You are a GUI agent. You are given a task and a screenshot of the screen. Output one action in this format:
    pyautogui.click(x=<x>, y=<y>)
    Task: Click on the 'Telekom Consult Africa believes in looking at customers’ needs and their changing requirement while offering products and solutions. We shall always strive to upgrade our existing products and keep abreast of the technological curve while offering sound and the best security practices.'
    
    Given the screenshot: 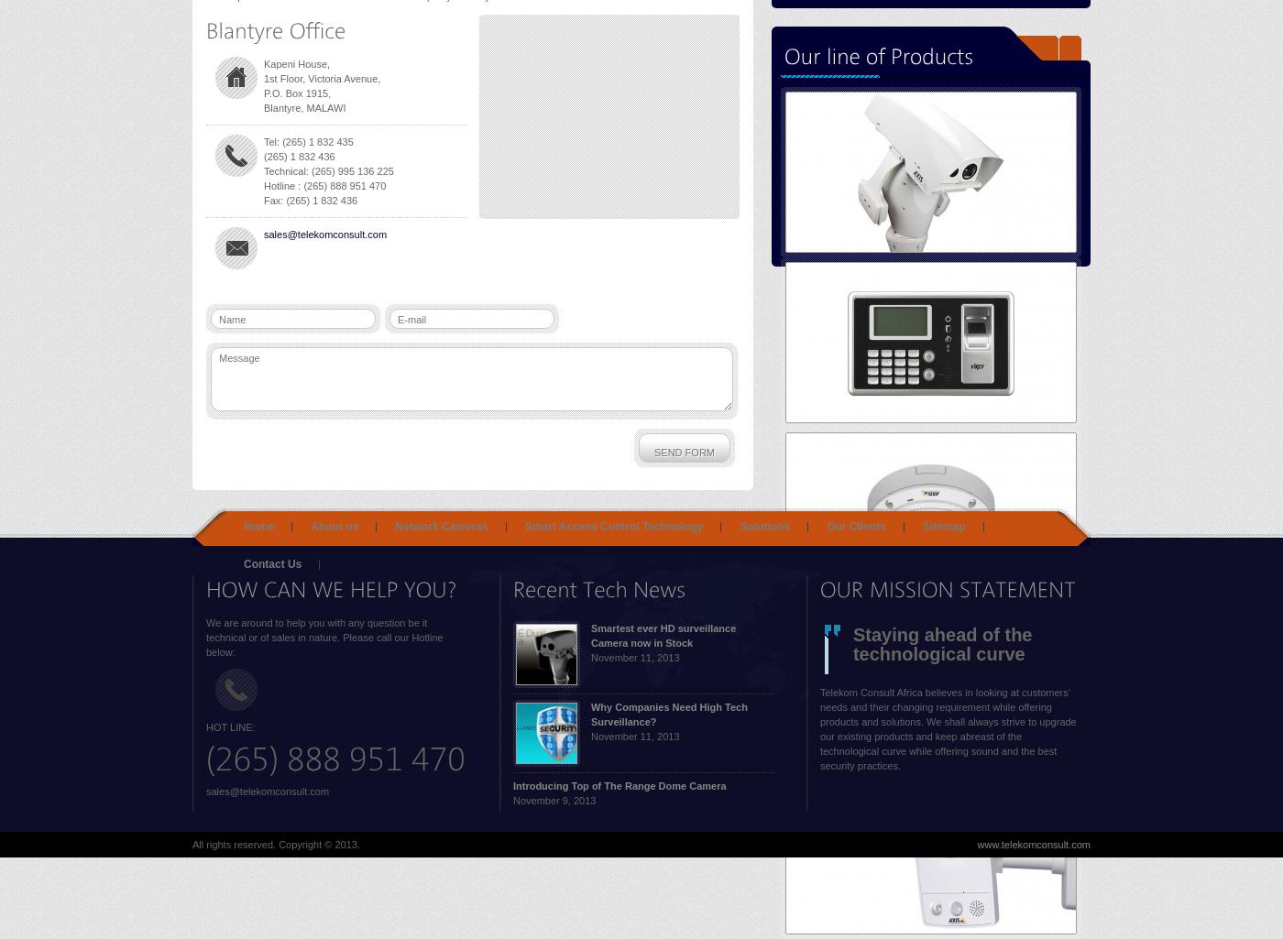 What is the action you would take?
    pyautogui.click(x=948, y=728)
    